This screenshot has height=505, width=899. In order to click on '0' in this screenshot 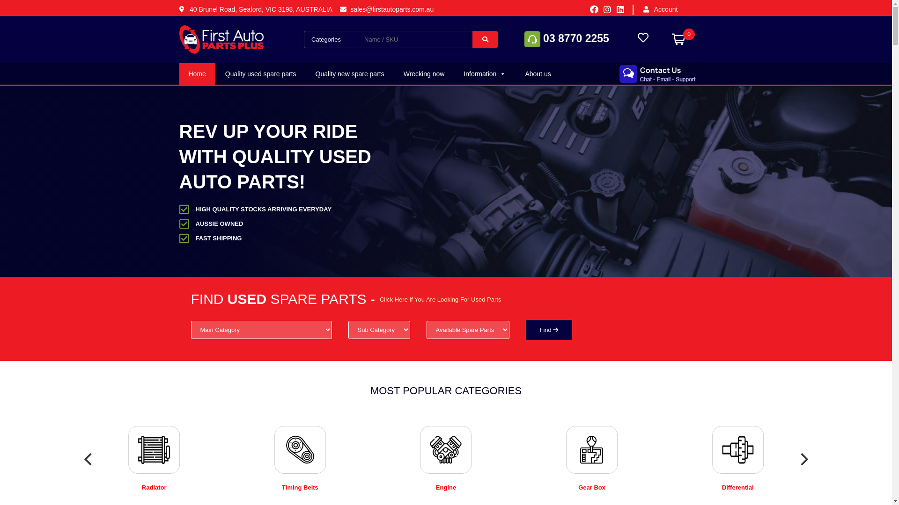, I will do `click(678, 38)`.